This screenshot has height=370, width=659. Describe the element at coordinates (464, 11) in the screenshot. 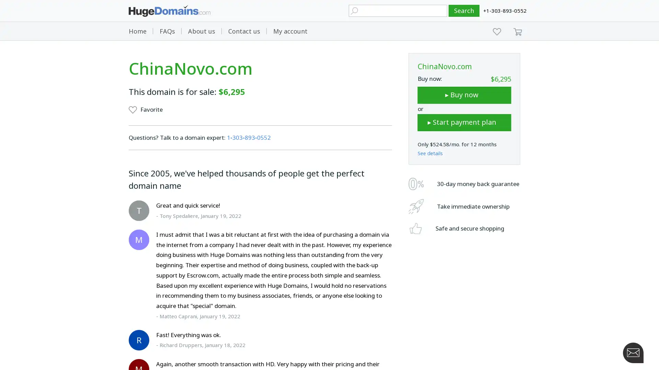

I see `Search` at that location.